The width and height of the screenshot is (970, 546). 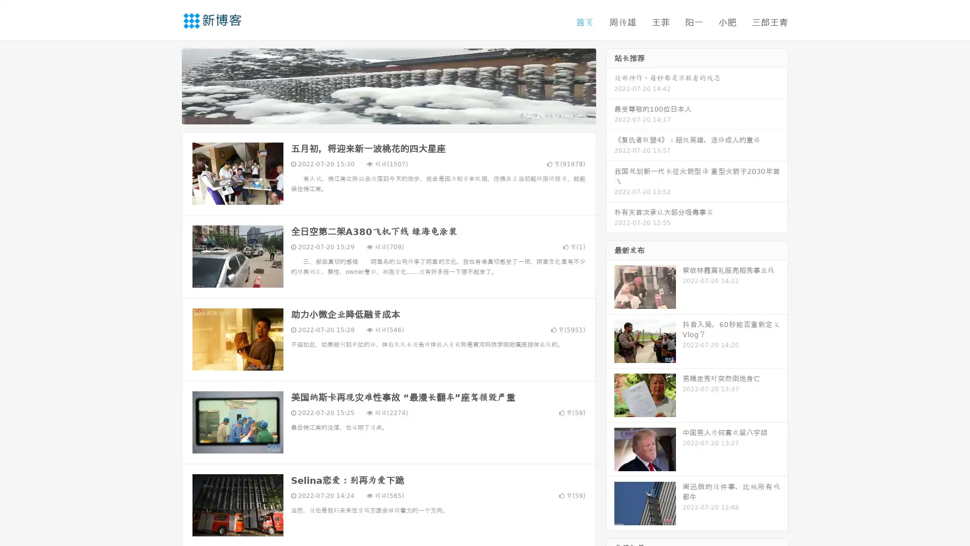 What do you see at coordinates (388, 114) in the screenshot?
I see `Go to slide 2` at bounding box center [388, 114].